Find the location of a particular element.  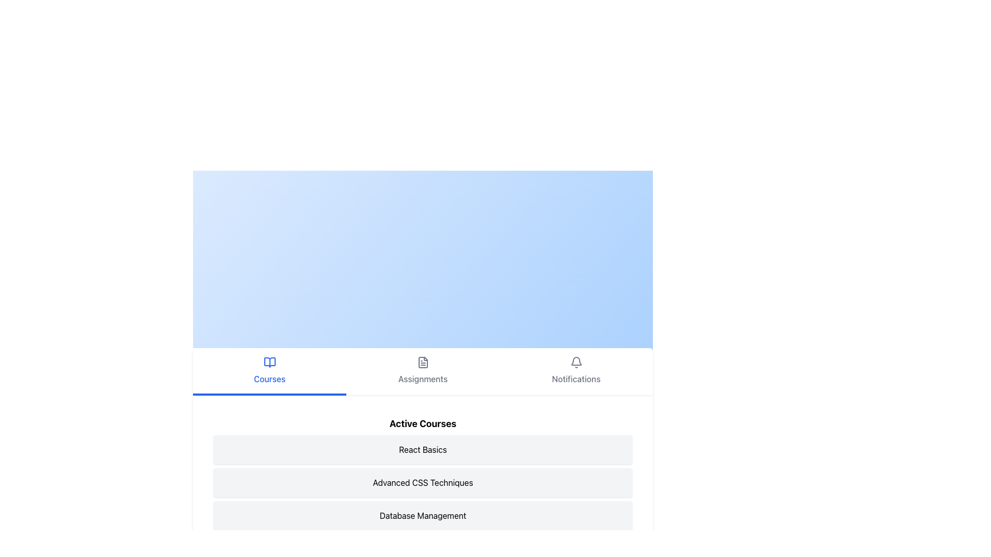

the bell-shaped notification icon located in the header section of the application to interact with notifications is located at coordinates (576, 360).